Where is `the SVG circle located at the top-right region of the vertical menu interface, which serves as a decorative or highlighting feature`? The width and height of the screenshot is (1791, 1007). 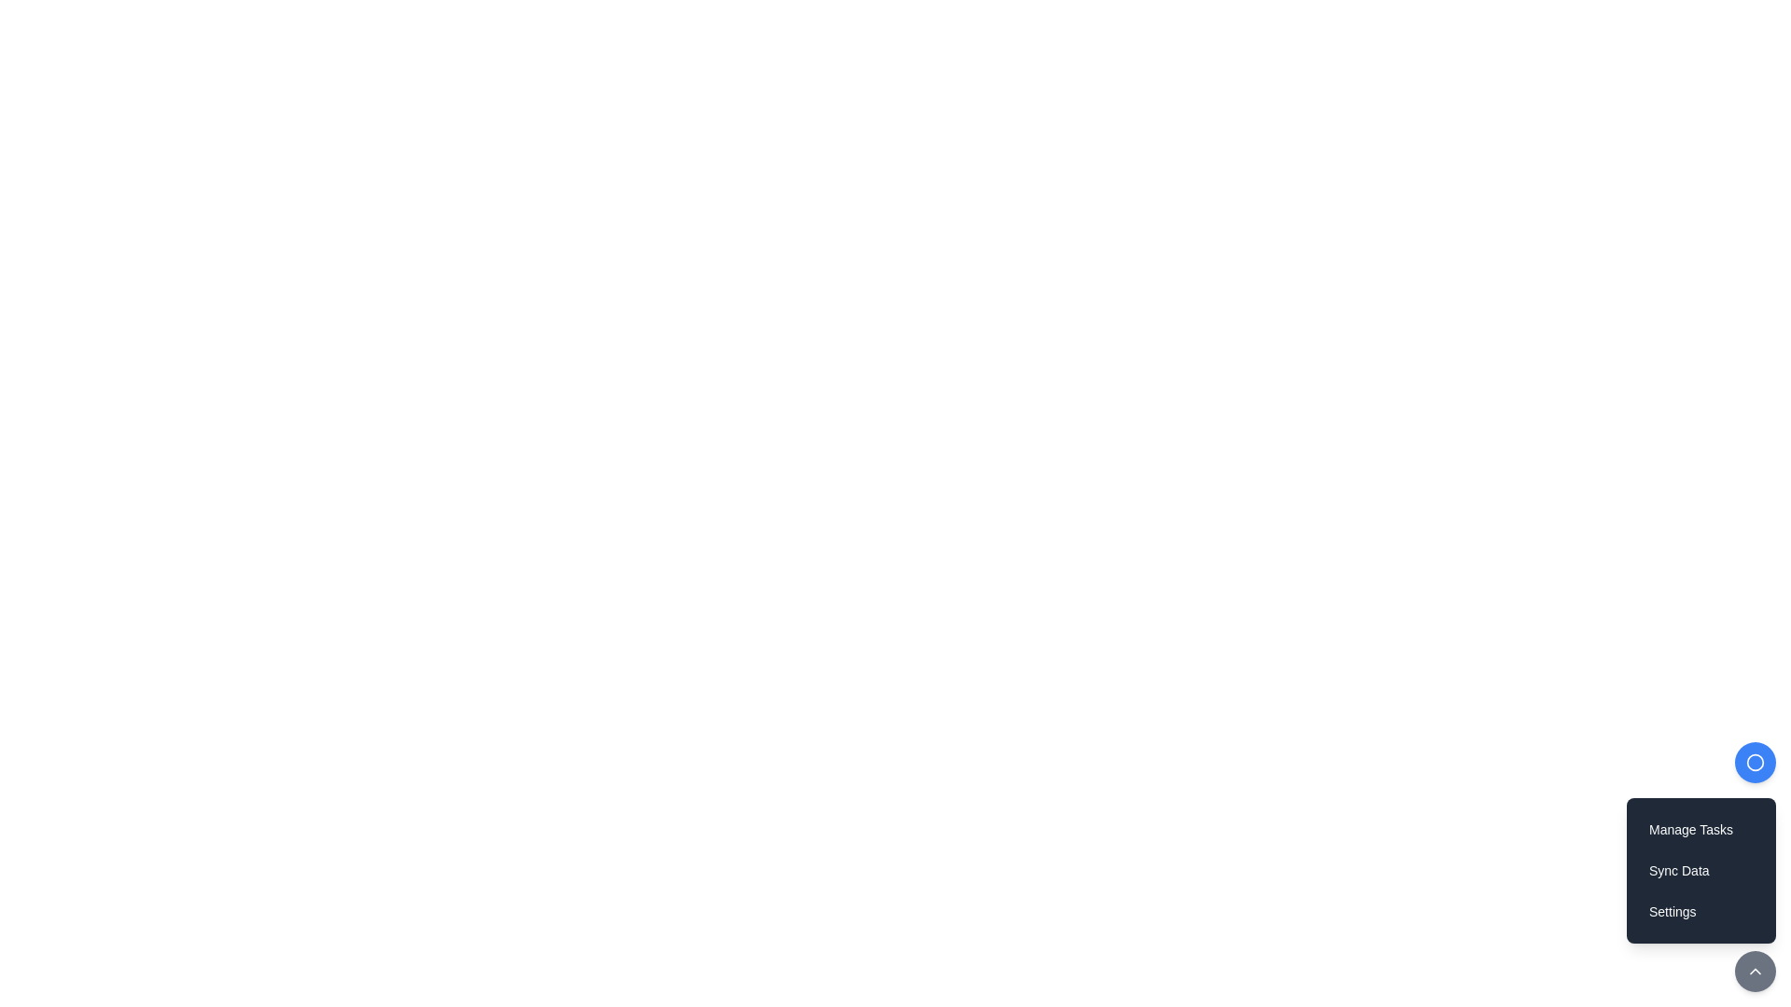
the SVG circle located at the top-right region of the vertical menu interface, which serves as a decorative or highlighting feature is located at coordinates (1754, 762).